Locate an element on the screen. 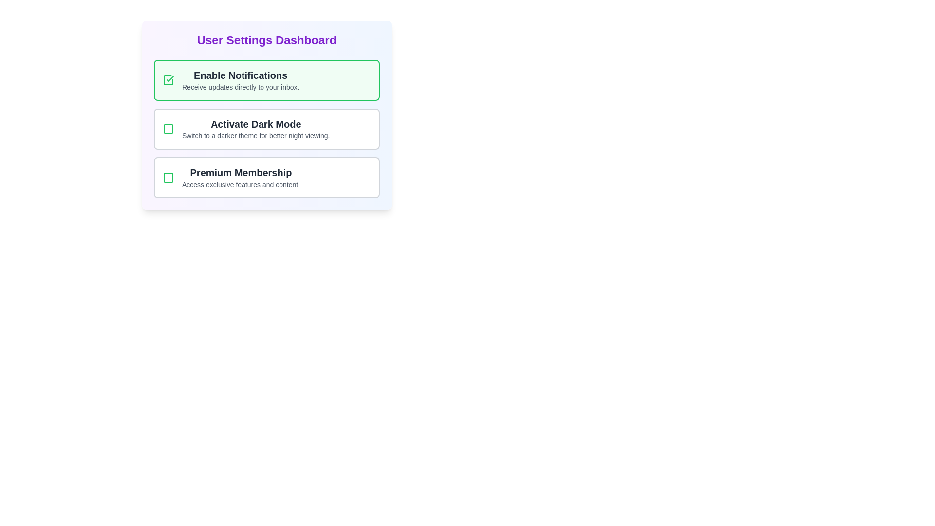 The height and width of the screenshot is (526, 935). descriptive text of the selectable panel labeled 'Activate Dark Mode' which provides information about switching to a darker theme for better night viewing is located at coordinates (266, 129).